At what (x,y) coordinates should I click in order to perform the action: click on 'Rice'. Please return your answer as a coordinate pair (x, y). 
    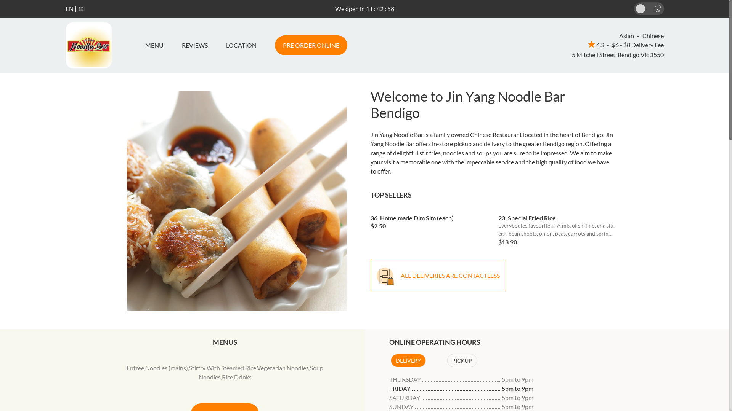
    Looking at the image, I should click on (227, 377).